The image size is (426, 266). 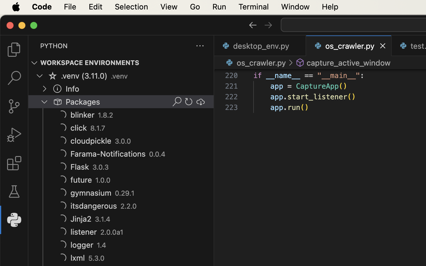 What do you see at coordinates (103, 180) in the screenshot?
I see `'1.0.0'` at bounding box center [103, 180].